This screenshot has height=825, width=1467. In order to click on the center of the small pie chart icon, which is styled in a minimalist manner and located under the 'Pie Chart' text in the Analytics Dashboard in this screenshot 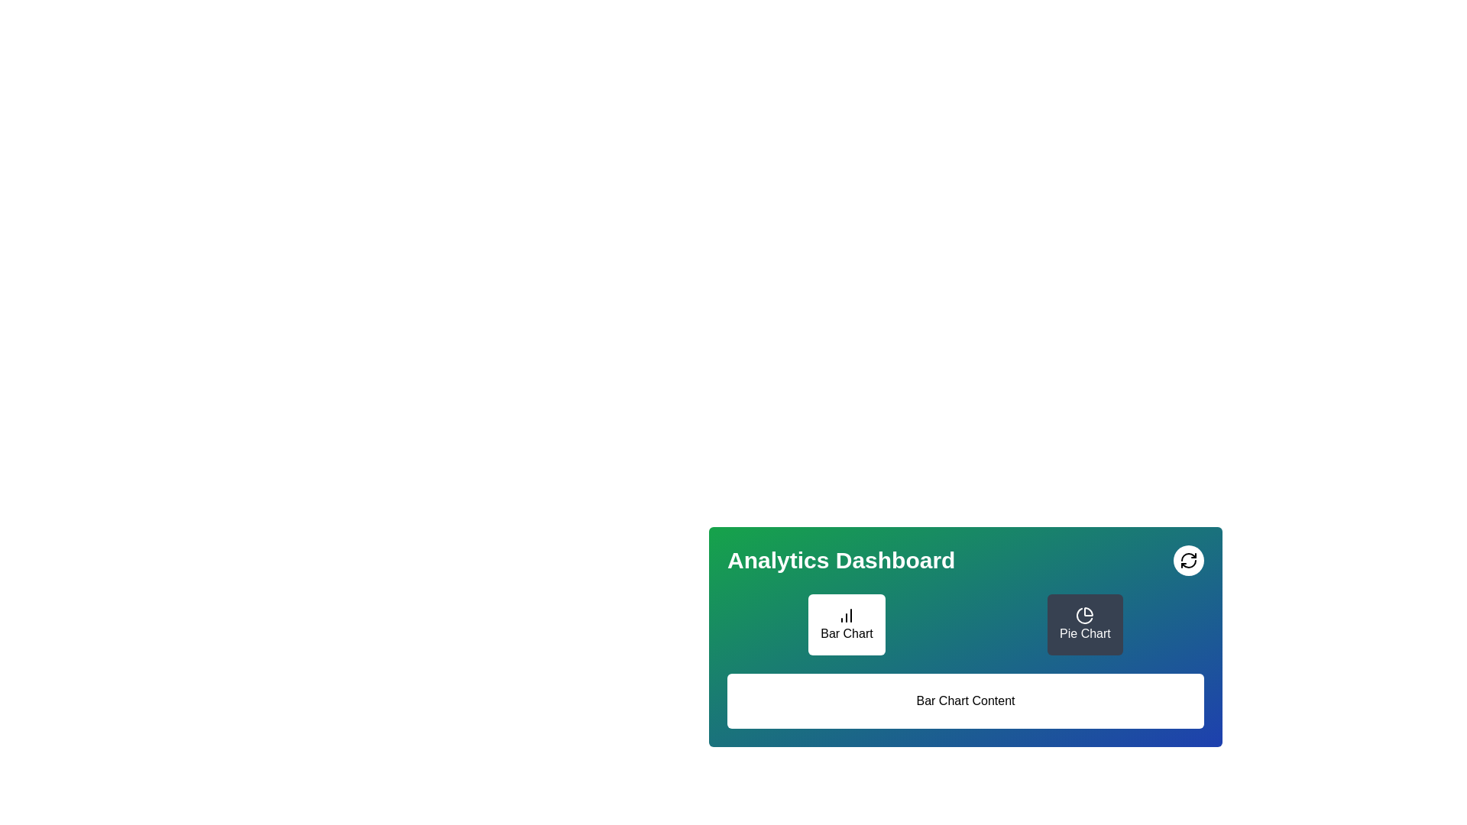, I will do `click(1084, 615)`.